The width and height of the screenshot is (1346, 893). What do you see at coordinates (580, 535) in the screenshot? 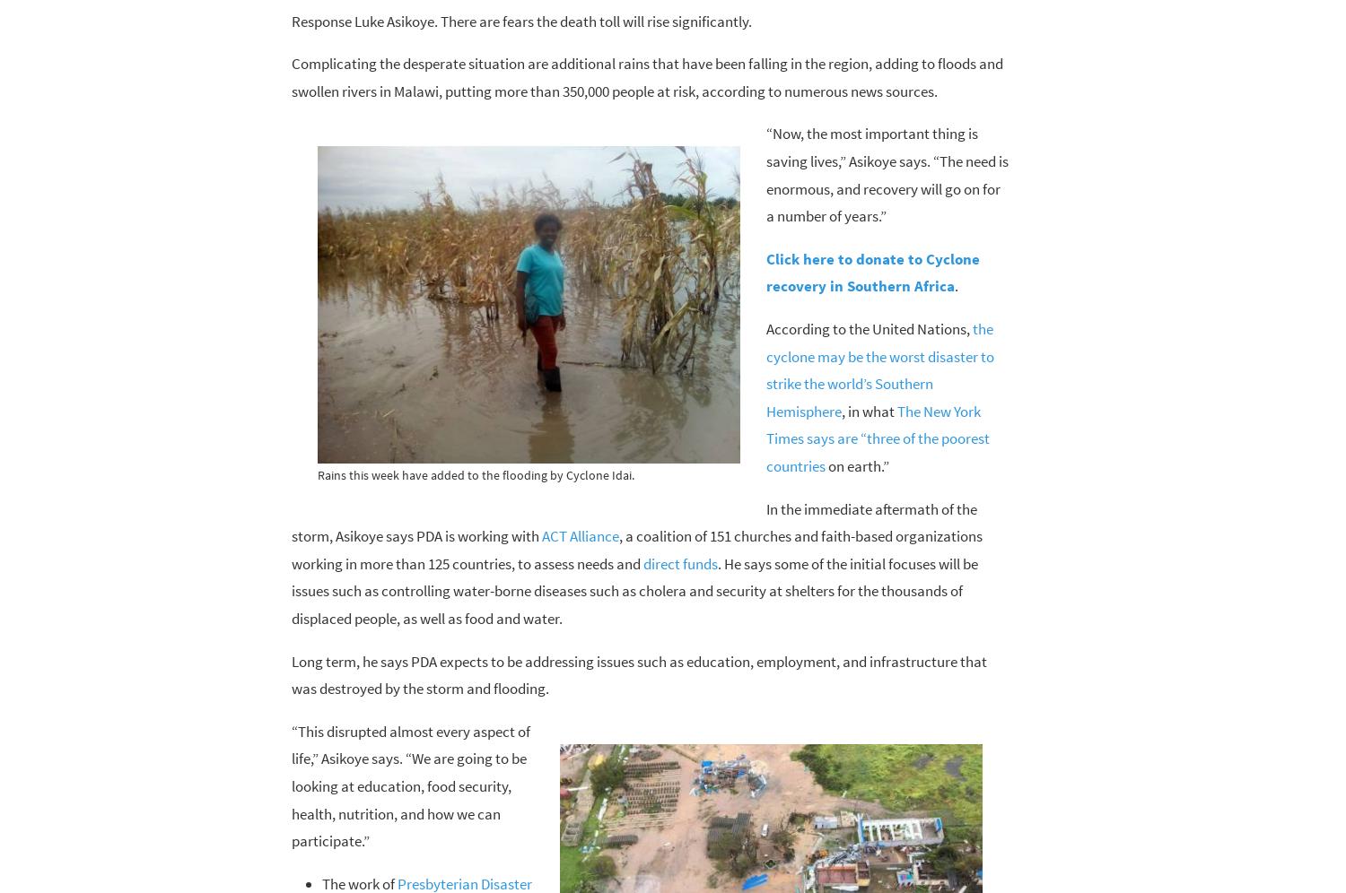
I see `'ACT Alliance'` at bounding box center [580, 535].